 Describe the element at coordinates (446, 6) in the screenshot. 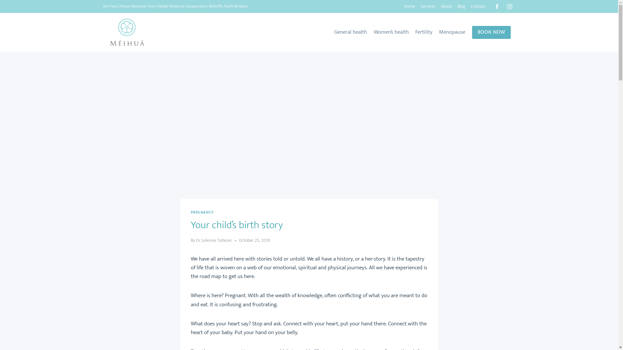

I see `'About'` at that location.